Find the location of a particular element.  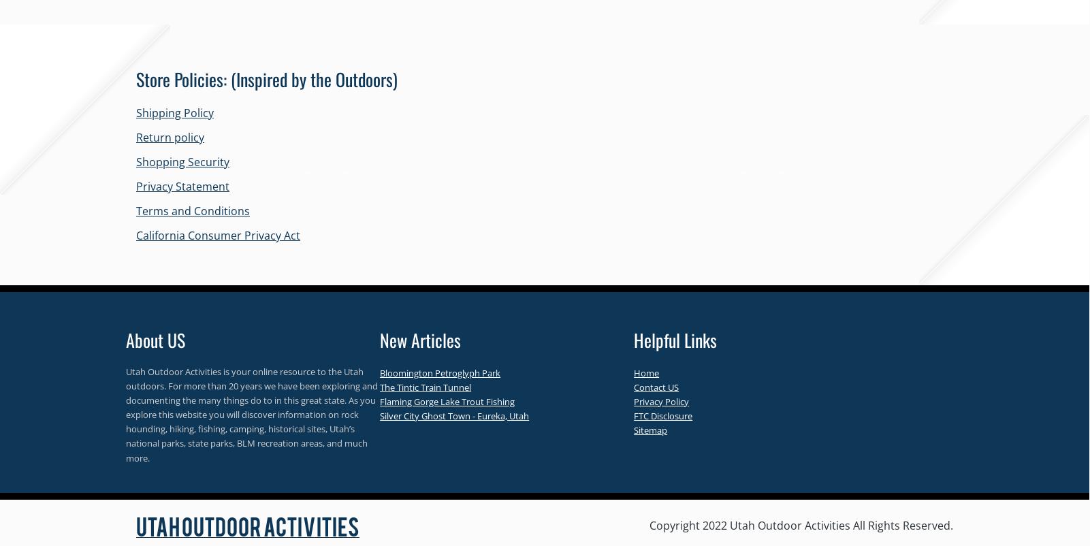

'Privacy Statement' is located at coordinates (182, 186).